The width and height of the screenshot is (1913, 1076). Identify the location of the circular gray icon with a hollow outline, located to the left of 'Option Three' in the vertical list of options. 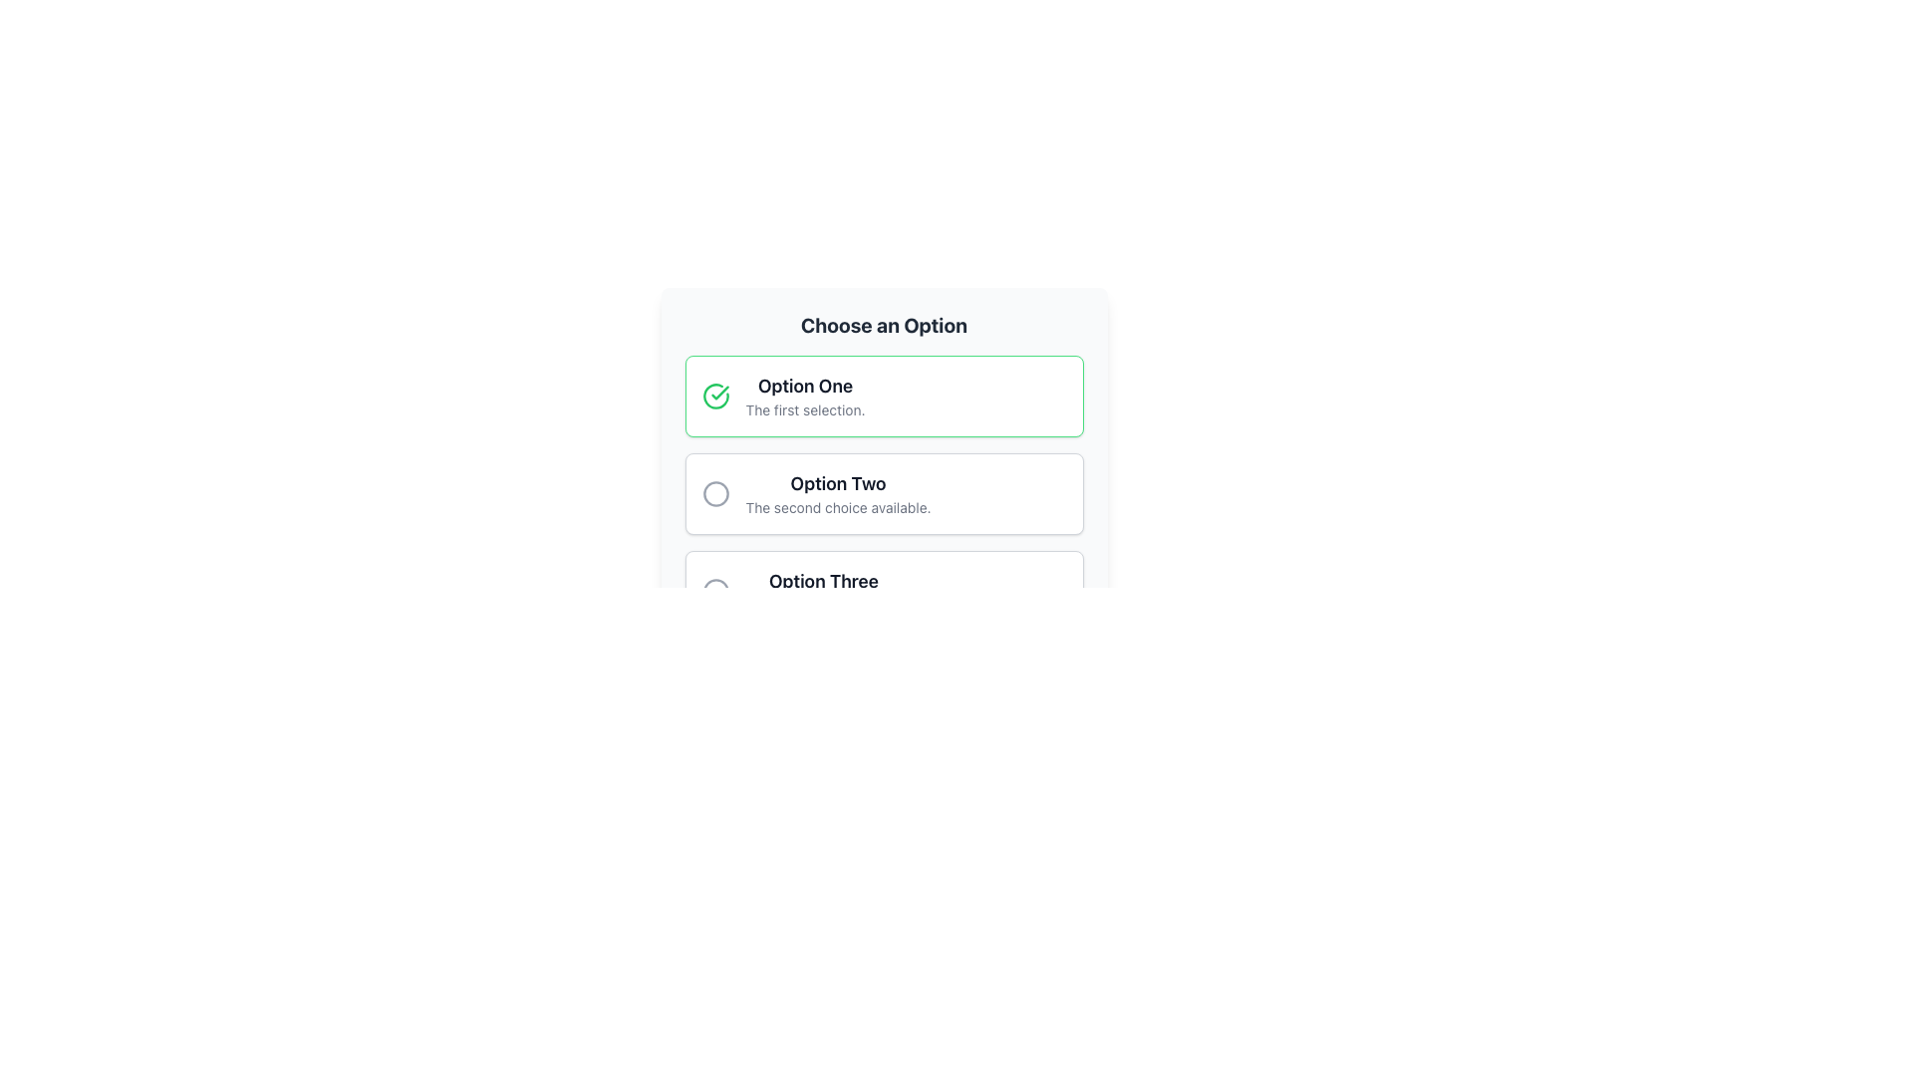
(715, 591).